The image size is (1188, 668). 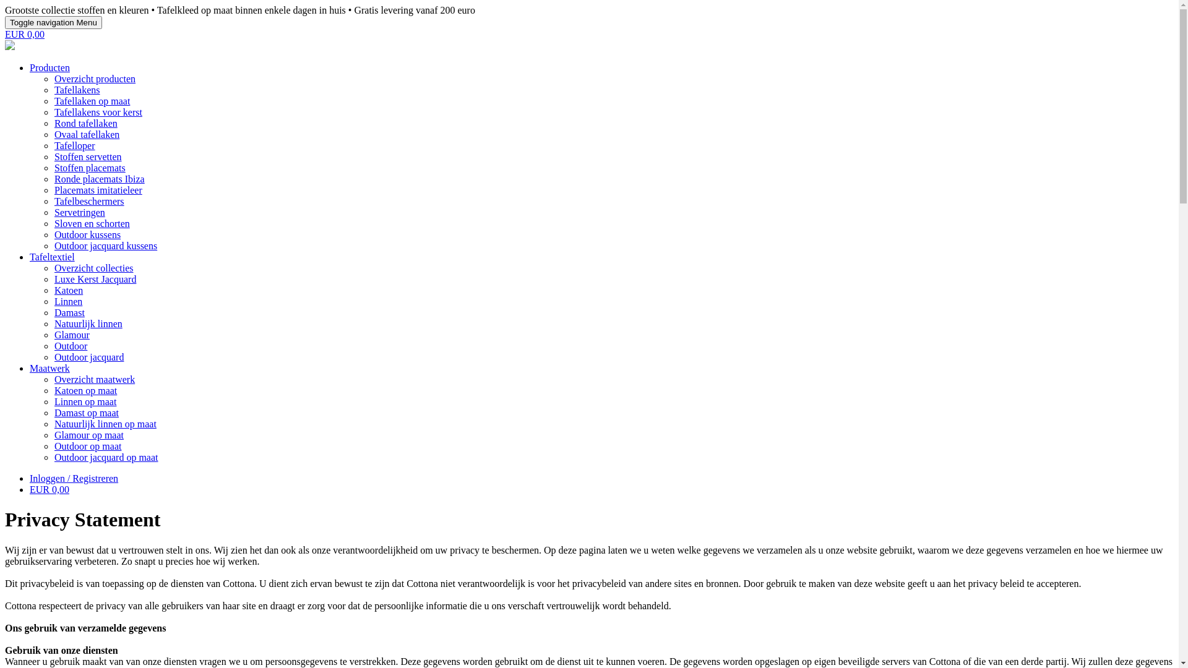 What do you see at coordinates (53, 267) in the screenshot?
I see `'Overzicht collecties'` at bounding box center [53, 267].